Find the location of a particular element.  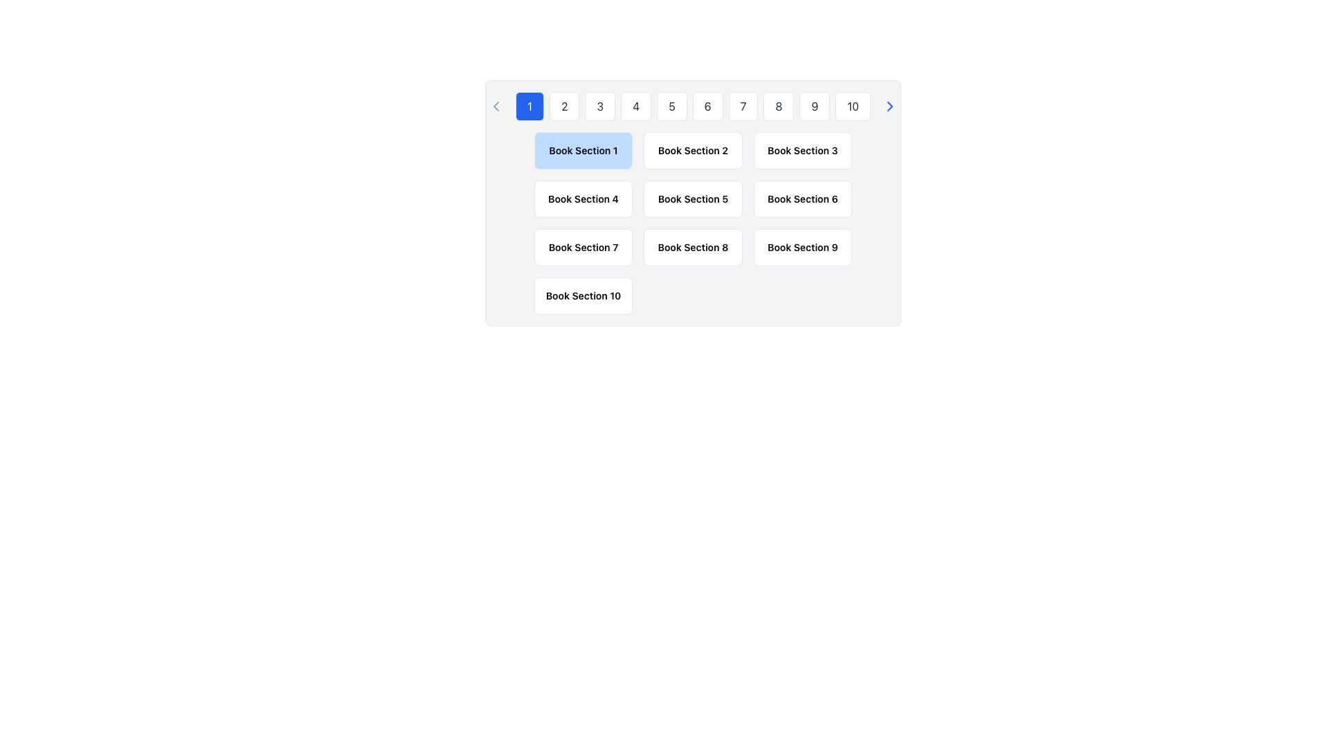

the rounded rectangular button with a white background and gray border that contains the number '7' in gray text, located between buttons '6' and '8' is located at coordinates (743, 106).